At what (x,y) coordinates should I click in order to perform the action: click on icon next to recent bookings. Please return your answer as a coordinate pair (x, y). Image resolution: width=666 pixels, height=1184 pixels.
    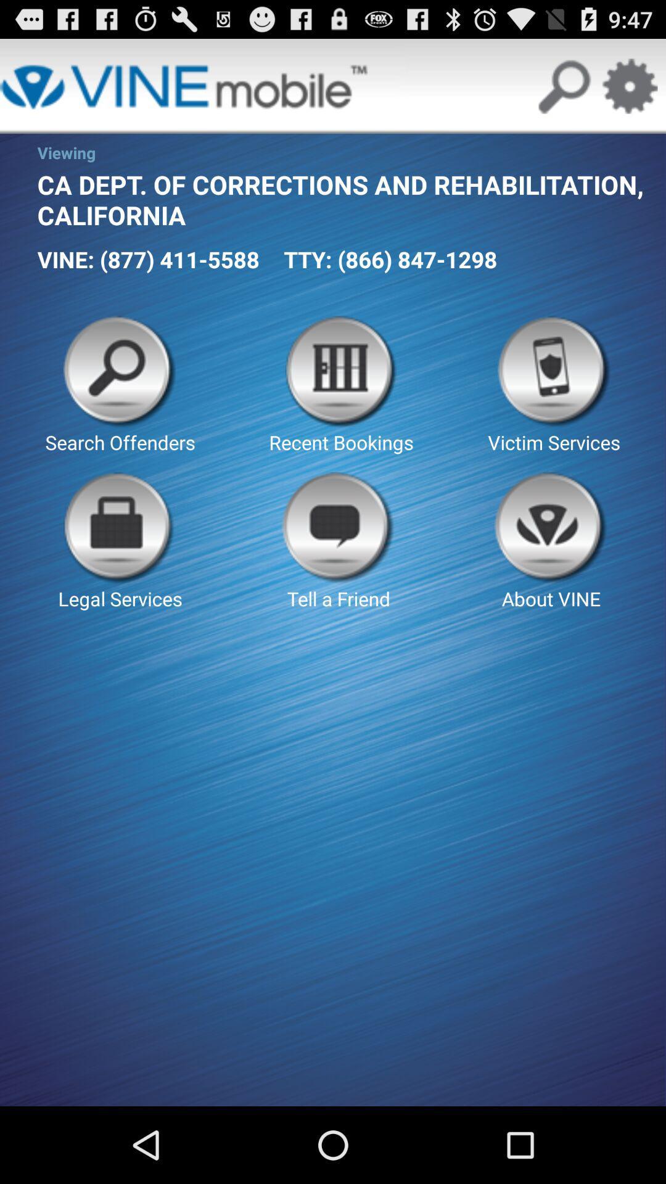
    Looking at the image, I should click on (553, 385).